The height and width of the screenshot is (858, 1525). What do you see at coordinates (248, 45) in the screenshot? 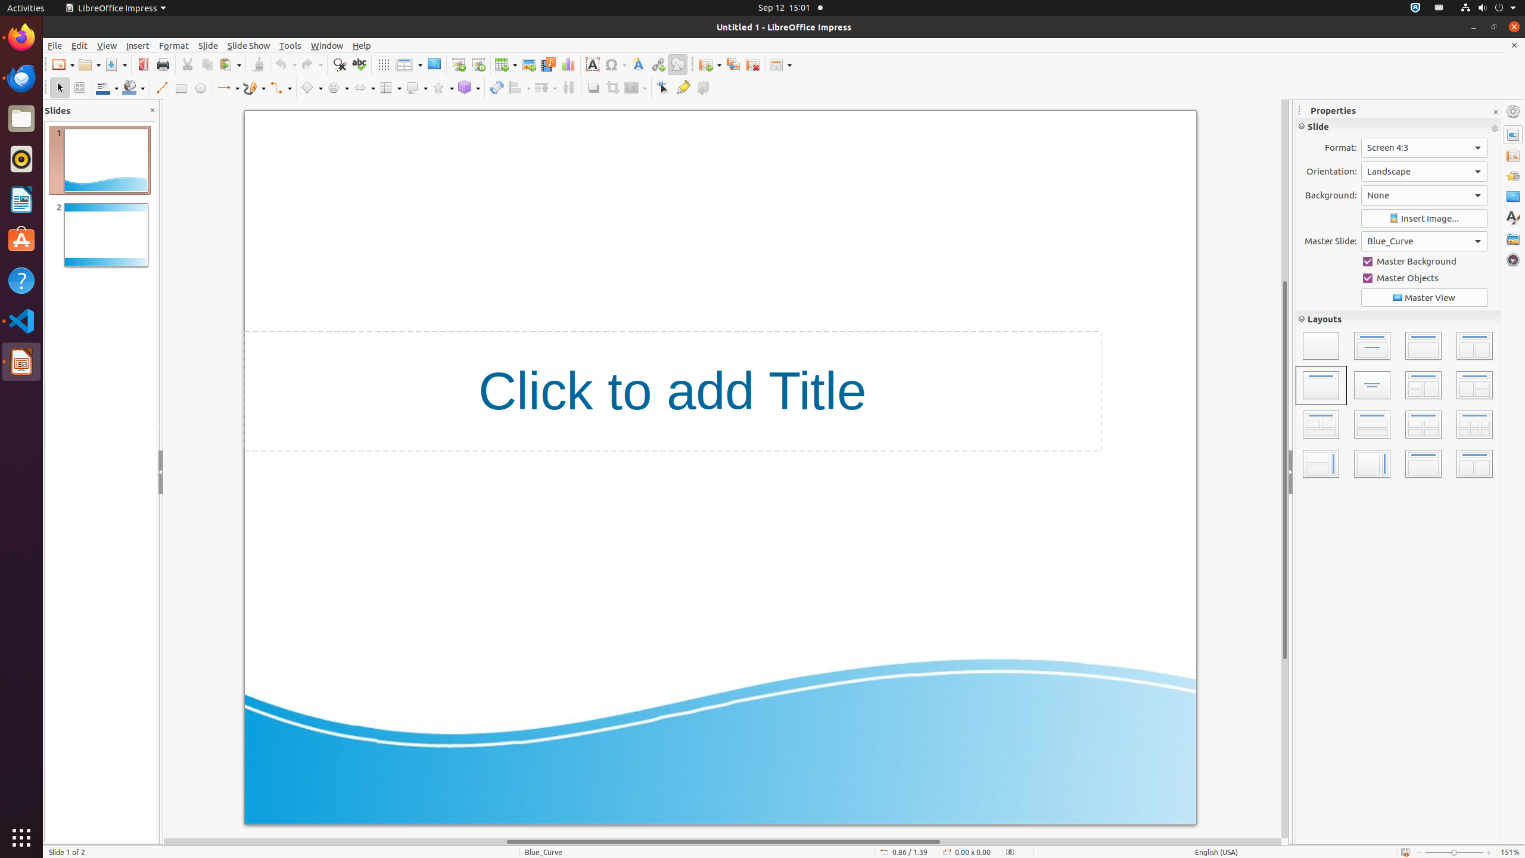
I see `'Slide Show'` at bounding box center [248, 45].